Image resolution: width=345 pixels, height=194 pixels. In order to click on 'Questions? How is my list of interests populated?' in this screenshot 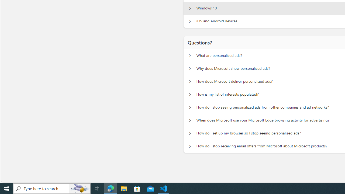, I will do `click(190, 94)`.